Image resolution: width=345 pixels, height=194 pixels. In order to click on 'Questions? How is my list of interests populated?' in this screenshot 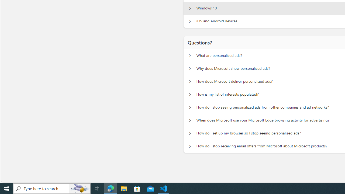, I will do `click(190, 94)`.